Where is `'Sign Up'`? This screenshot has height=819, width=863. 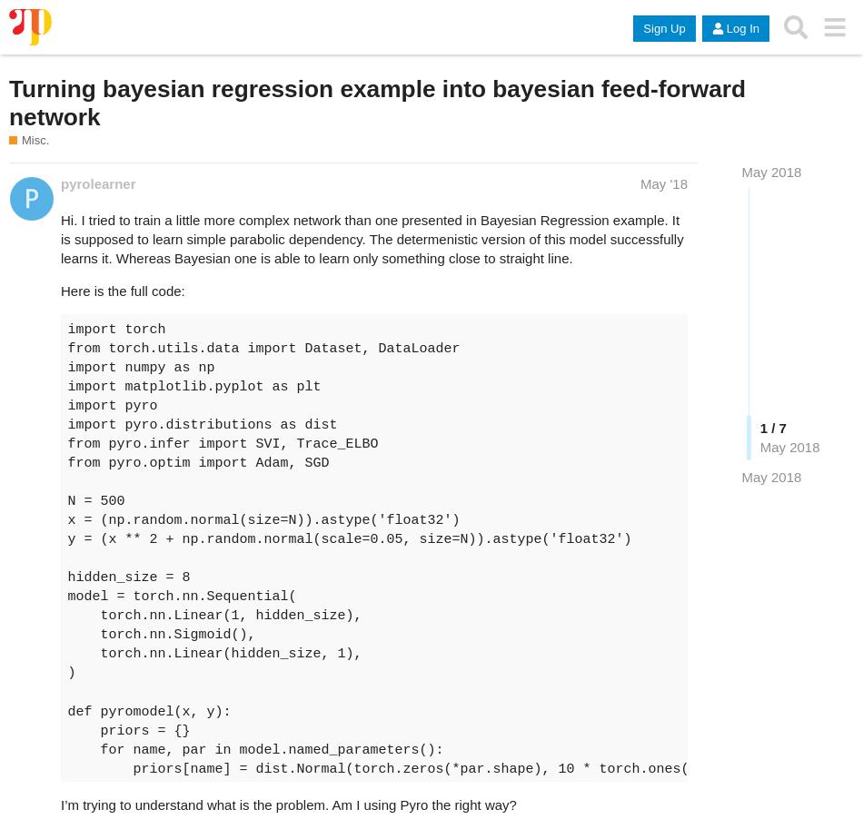 'Sign Up' is located at coordinates (643, 27).